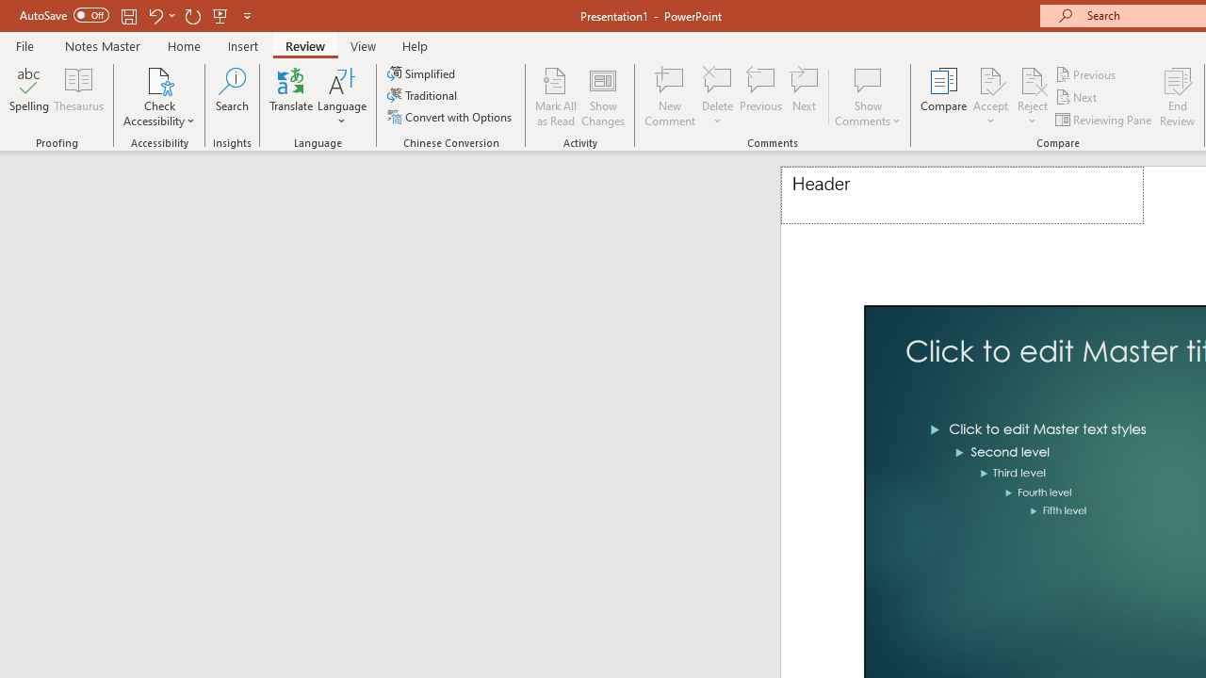 Image resolution: width=1206 pixels, height=678 pixels. What do you see at coordinates (290, 97) in the screenshot?
I see `'Translate'` at bounding box center [290, 97].